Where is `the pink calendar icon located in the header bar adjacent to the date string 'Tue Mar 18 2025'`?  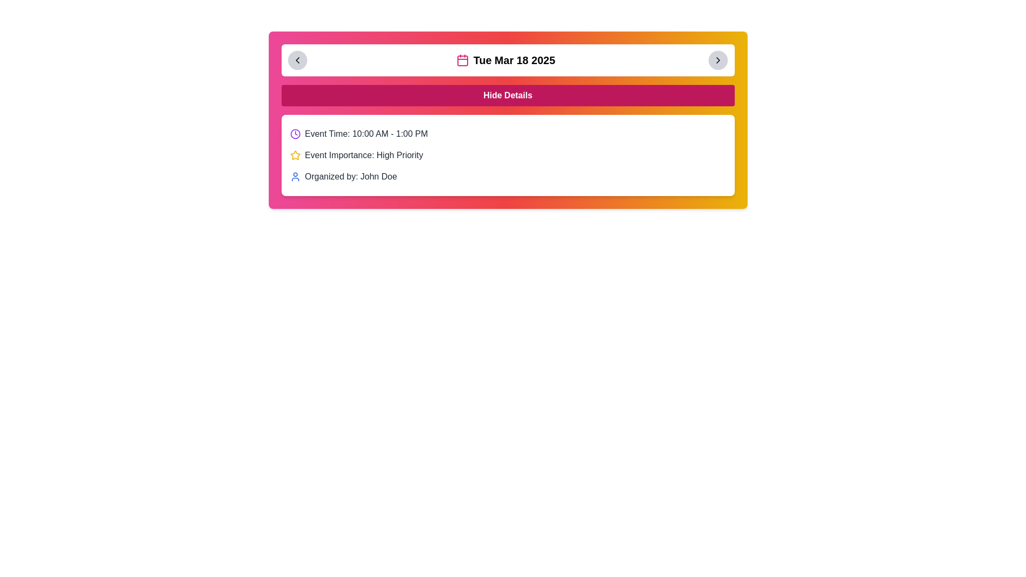 the pink calendar icon located in the header bar adjacent to the date string 'Tue Mar 18 2025' is located at coordinates (462, 60).